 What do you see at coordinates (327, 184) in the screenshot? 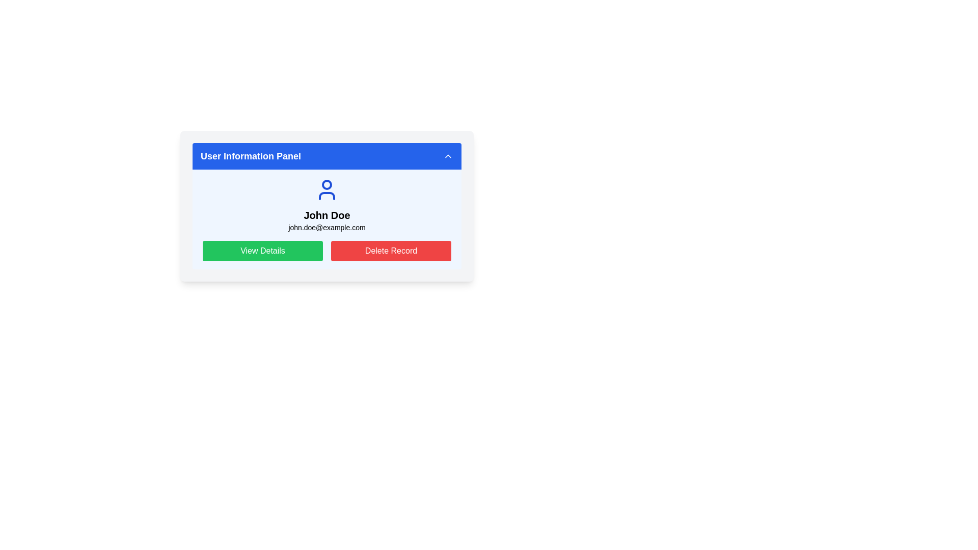
I see `the circular graphic element with a blue outline that is centered within the user's avatar icon, located below the 'User Information Panel' and above the text 'John Doe'` at bounding box center [327, 184].